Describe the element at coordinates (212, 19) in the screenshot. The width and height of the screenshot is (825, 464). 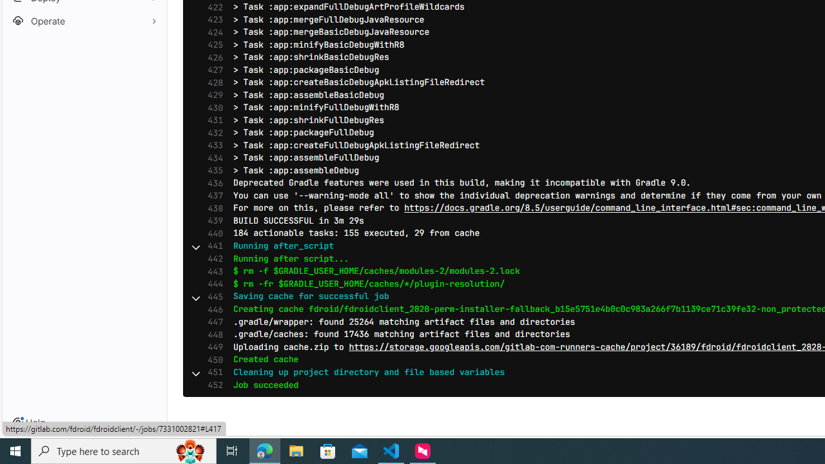
I see `'423'` at that location.